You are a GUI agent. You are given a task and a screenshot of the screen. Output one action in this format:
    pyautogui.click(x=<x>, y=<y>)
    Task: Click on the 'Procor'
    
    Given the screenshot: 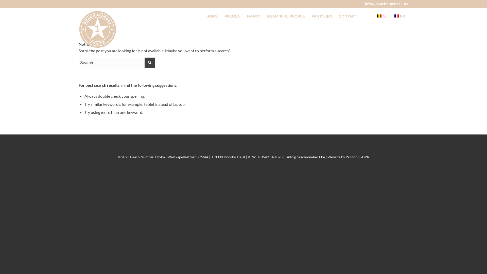 What is the action you would take?
    pyautogui.click(x=351, y=157)
    